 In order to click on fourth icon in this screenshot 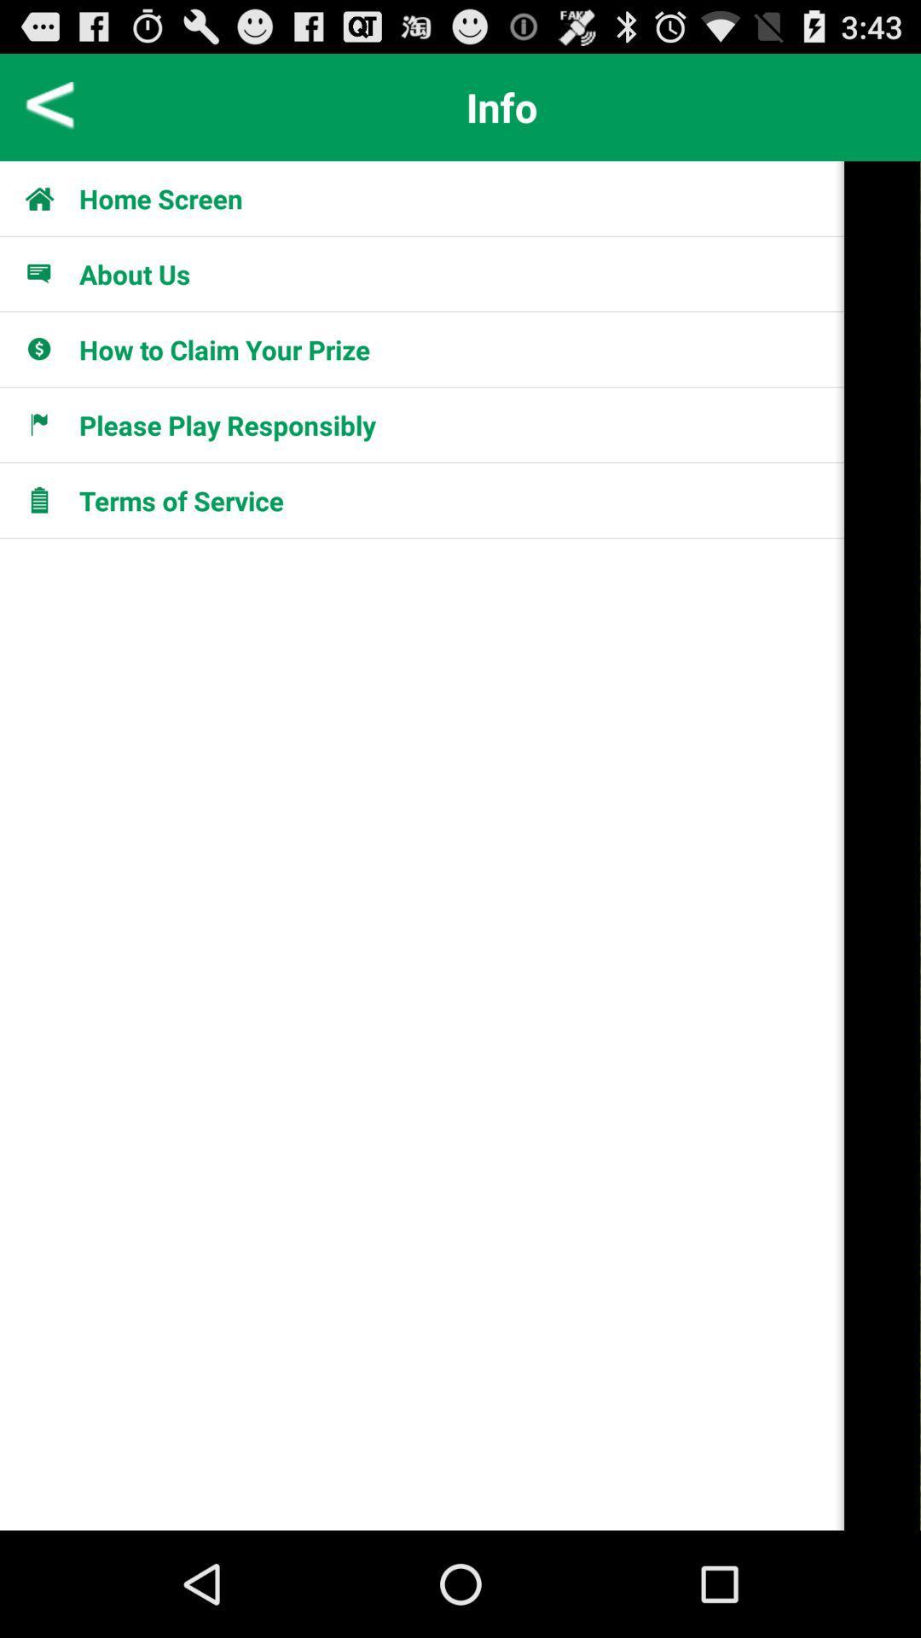, I will do `click(48, 425)`.